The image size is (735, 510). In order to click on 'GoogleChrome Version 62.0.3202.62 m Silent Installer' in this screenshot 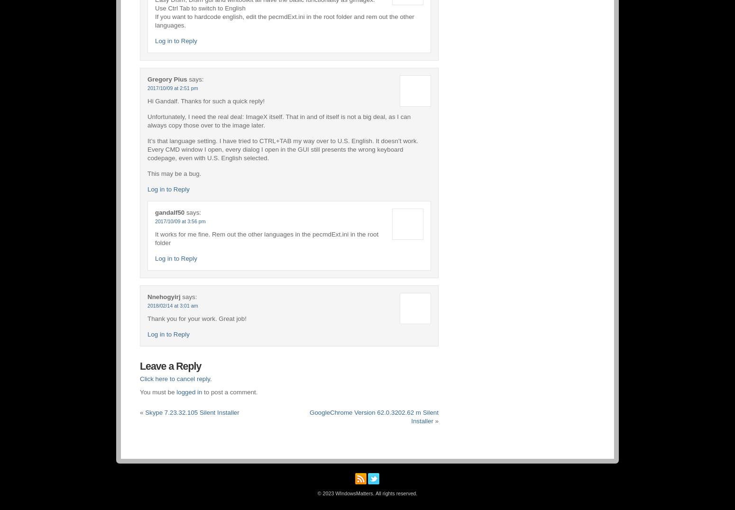, I will do `click(309, 417)`.